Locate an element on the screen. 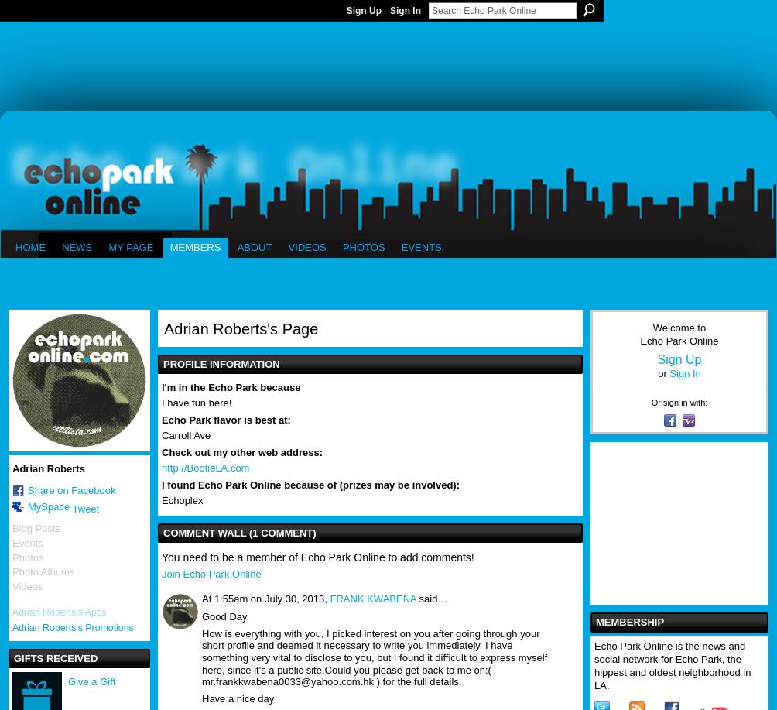 The image size is (777, 710). 'Blog Posts' is located at coordinates (36, 528).